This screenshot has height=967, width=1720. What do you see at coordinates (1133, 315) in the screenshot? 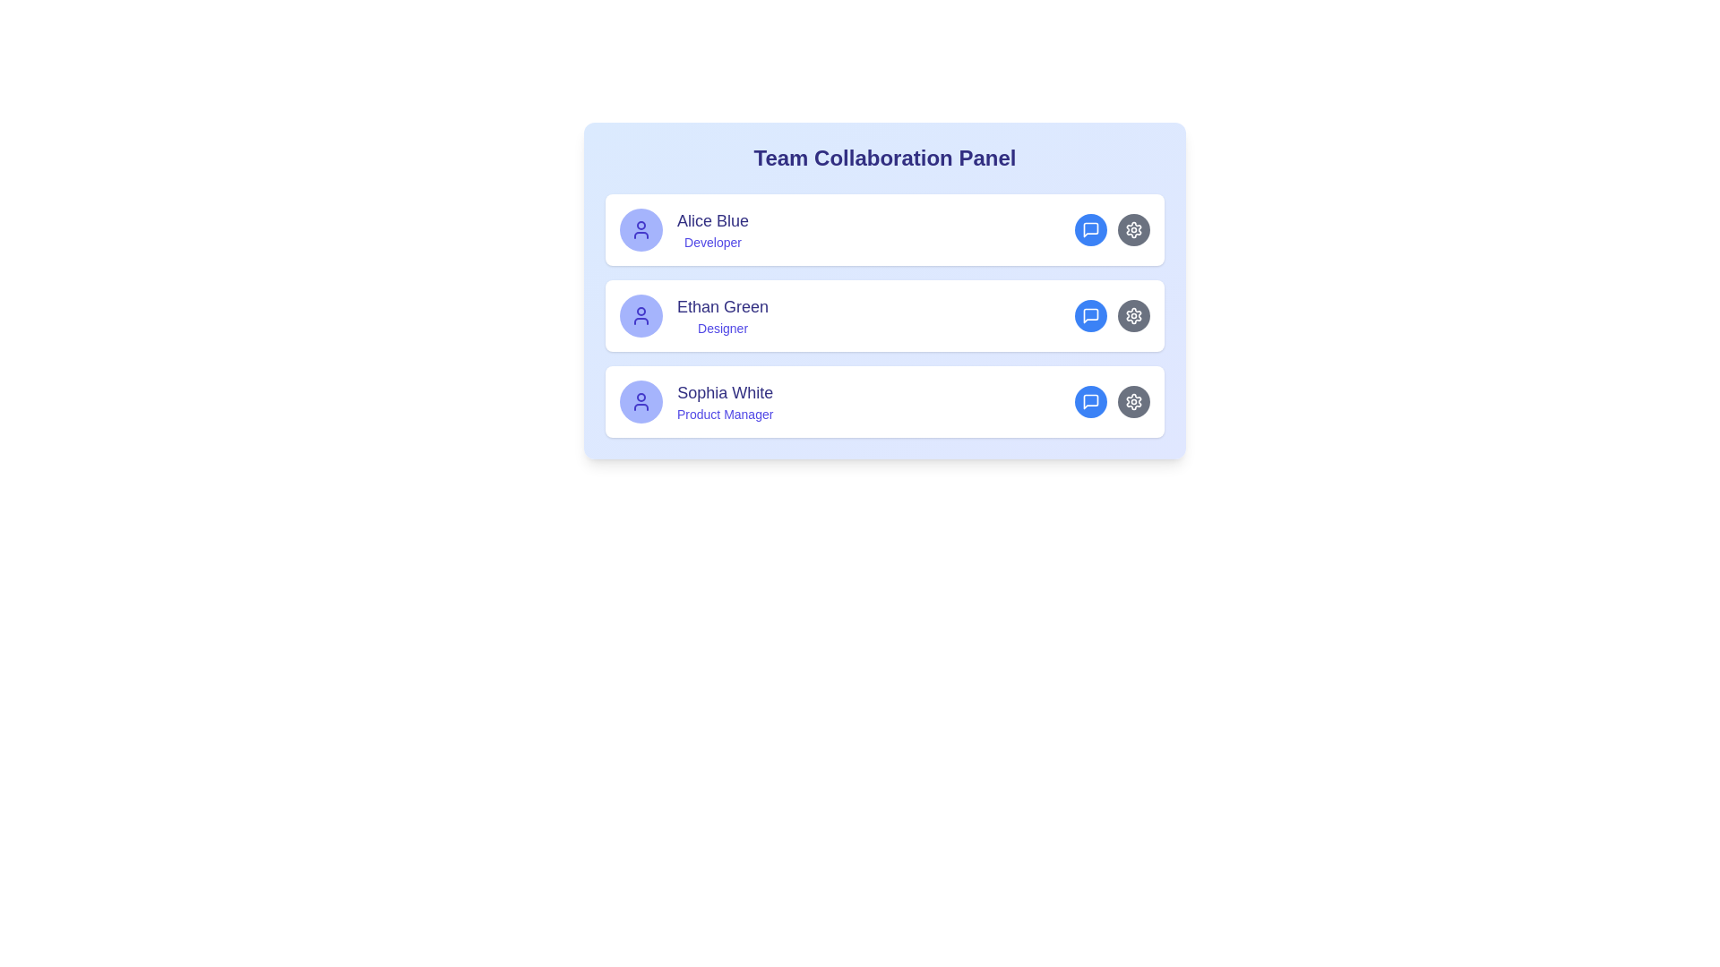
I see `the gear icon located in the second row of the user list panel, adjacent to Ethan Green's row` at bounding box center [1133, 315].